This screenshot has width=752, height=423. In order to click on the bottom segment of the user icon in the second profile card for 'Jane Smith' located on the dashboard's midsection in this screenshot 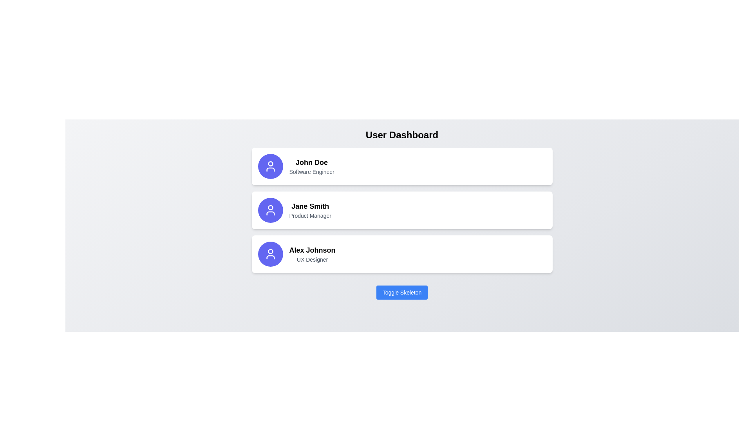, I will do `click(270, 213)`.